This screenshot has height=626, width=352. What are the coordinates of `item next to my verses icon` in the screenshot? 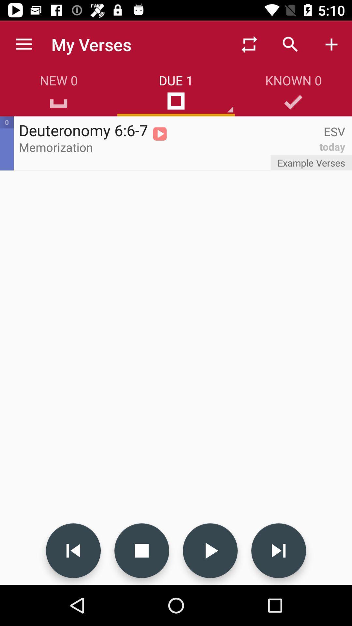 It's located at (249, 44).